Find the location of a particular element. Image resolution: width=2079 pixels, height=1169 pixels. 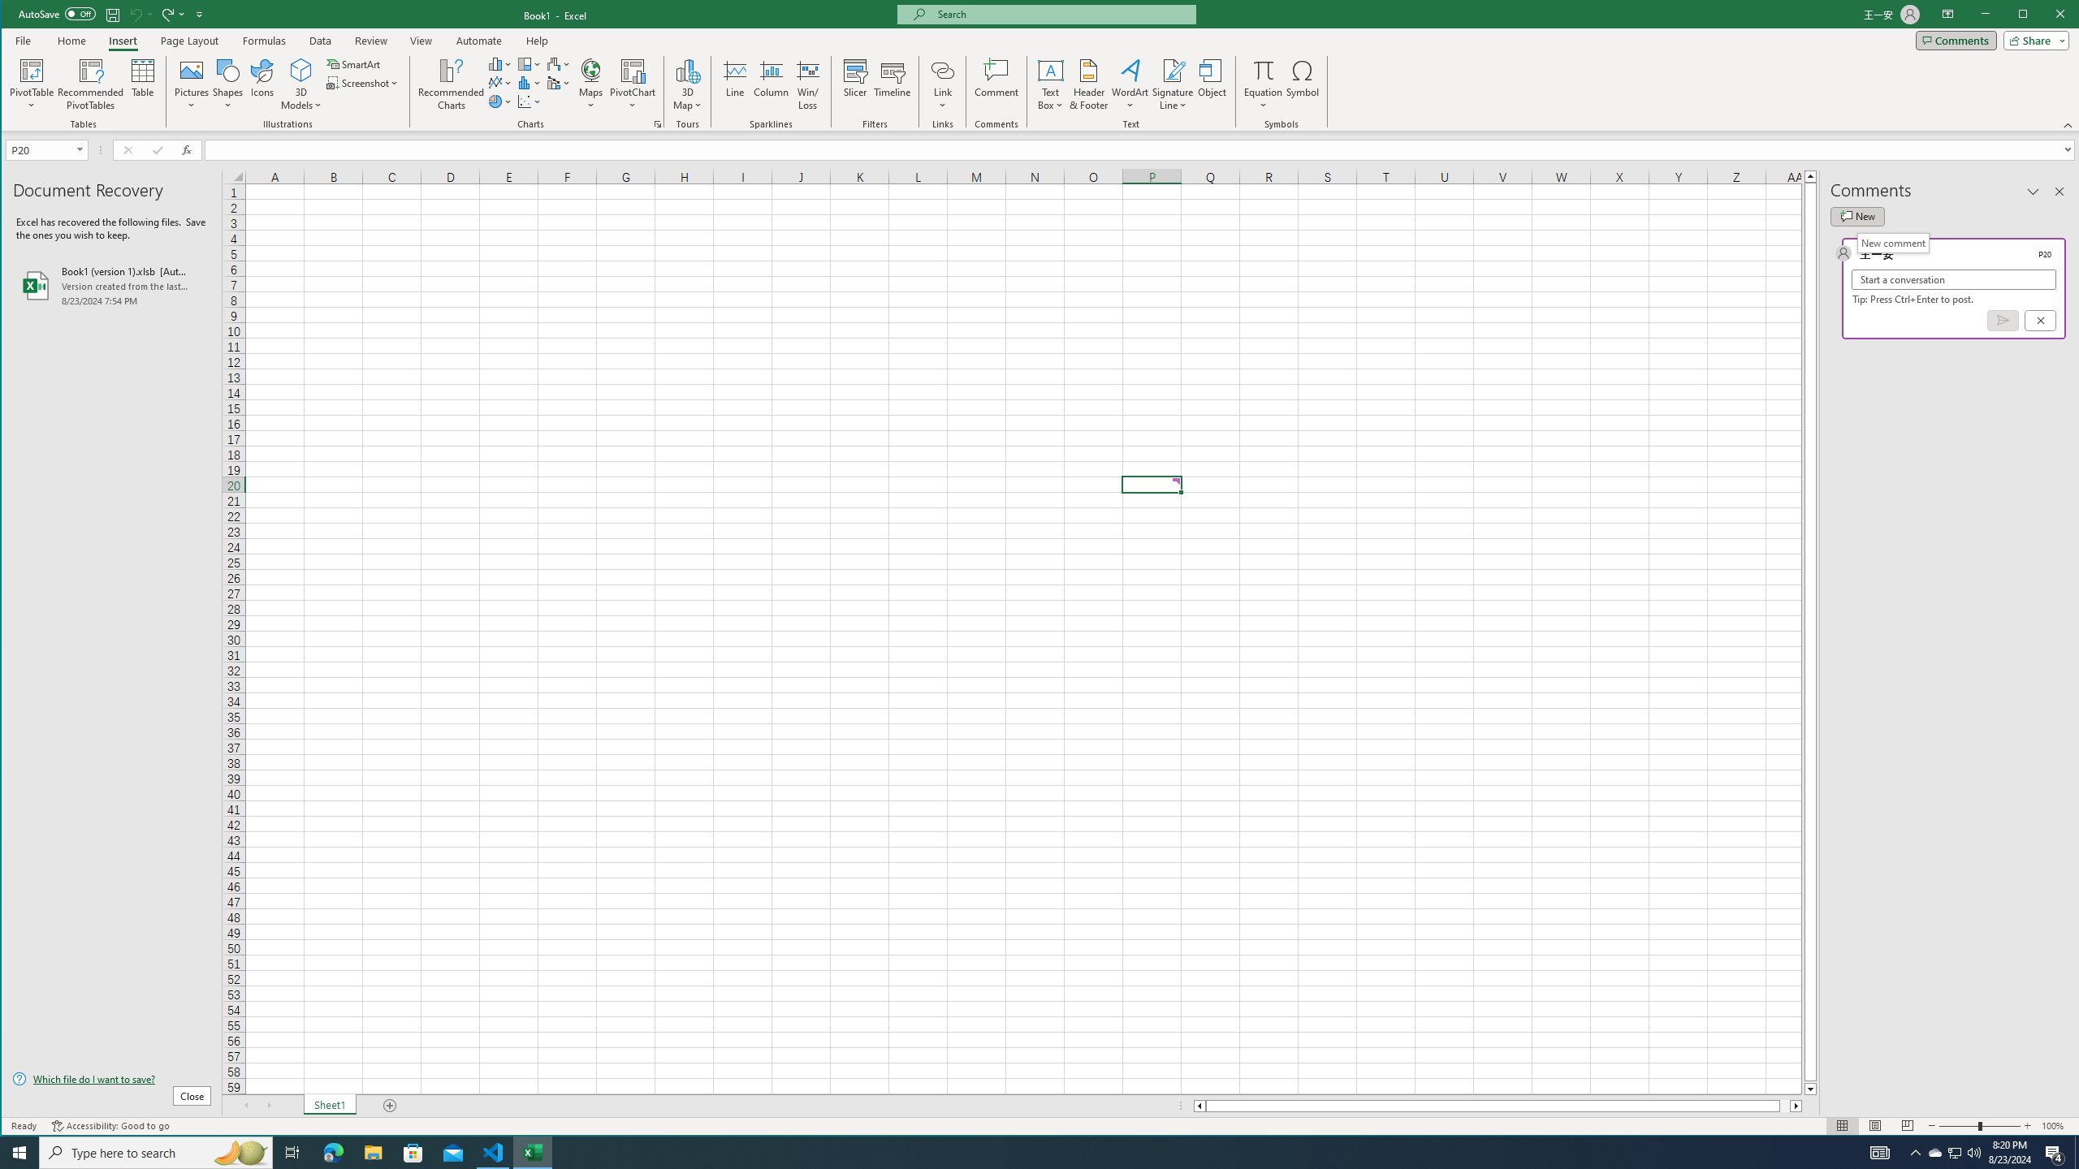

'View' is located at coordinates (420, 40).